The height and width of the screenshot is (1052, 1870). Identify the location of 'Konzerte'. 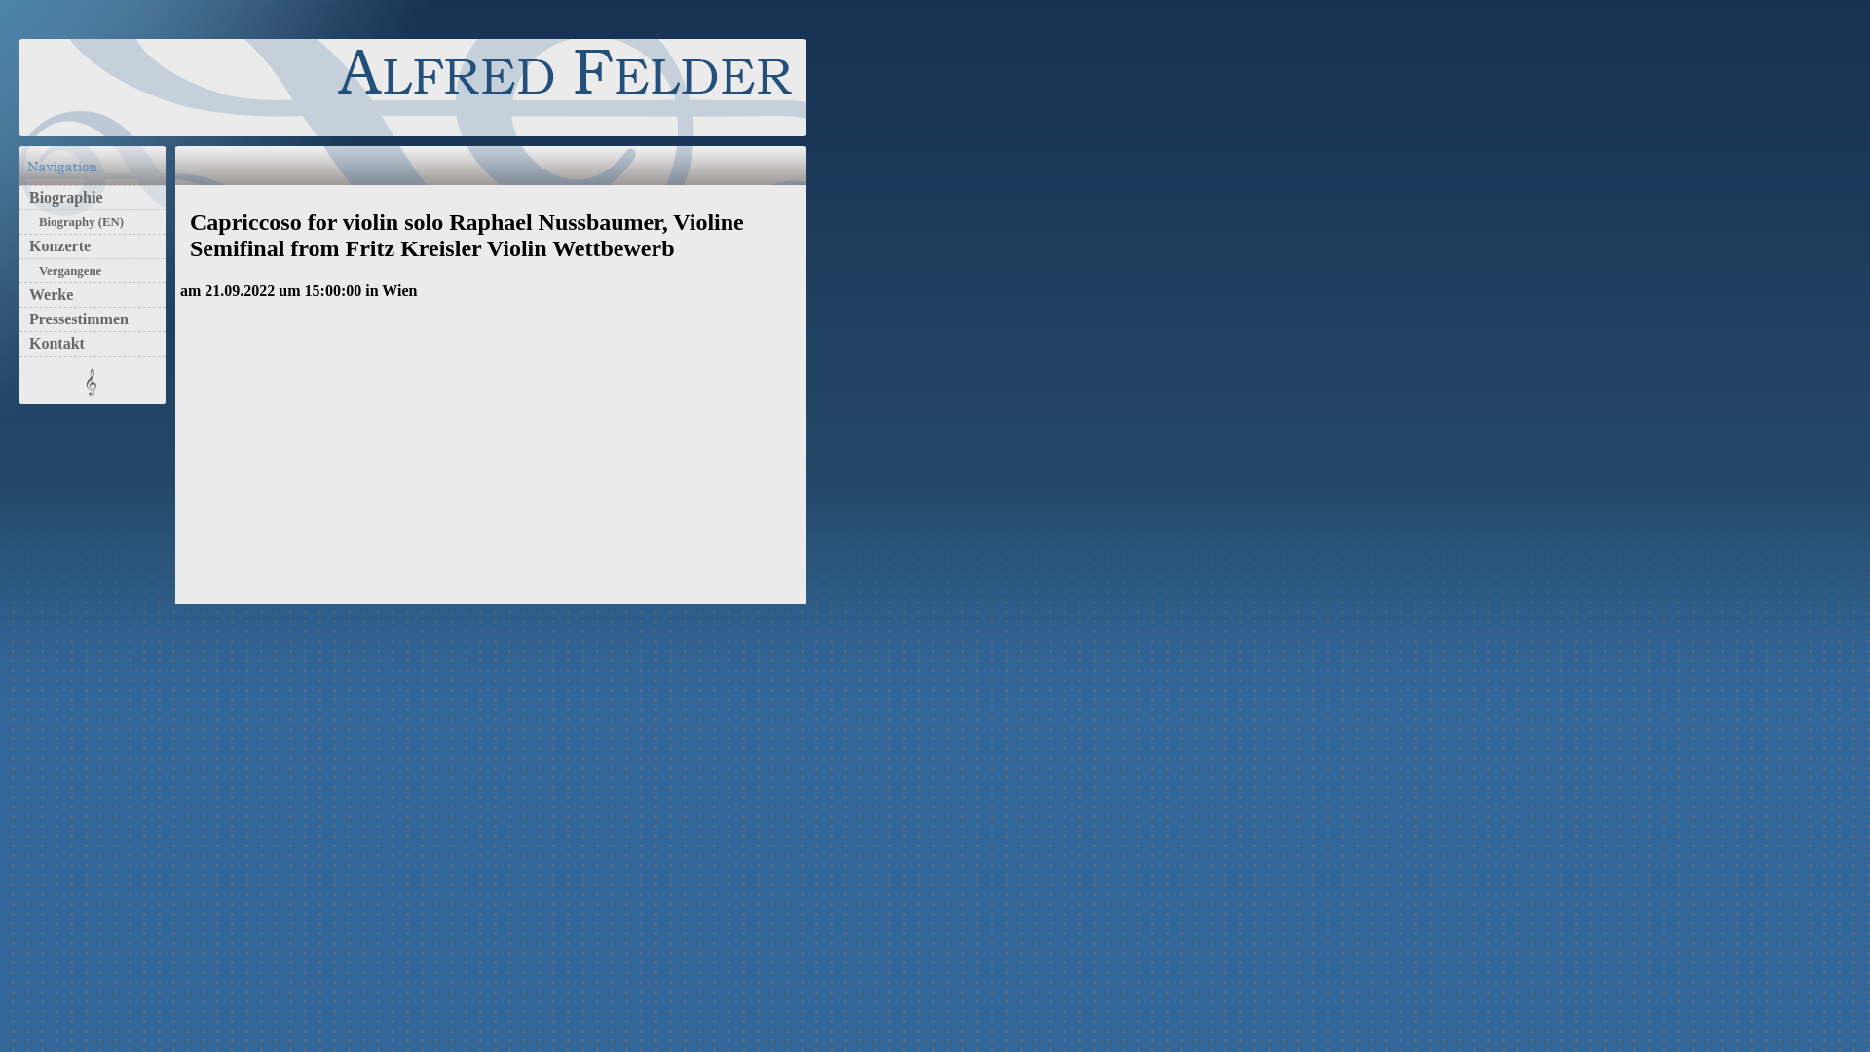
(55, 244).